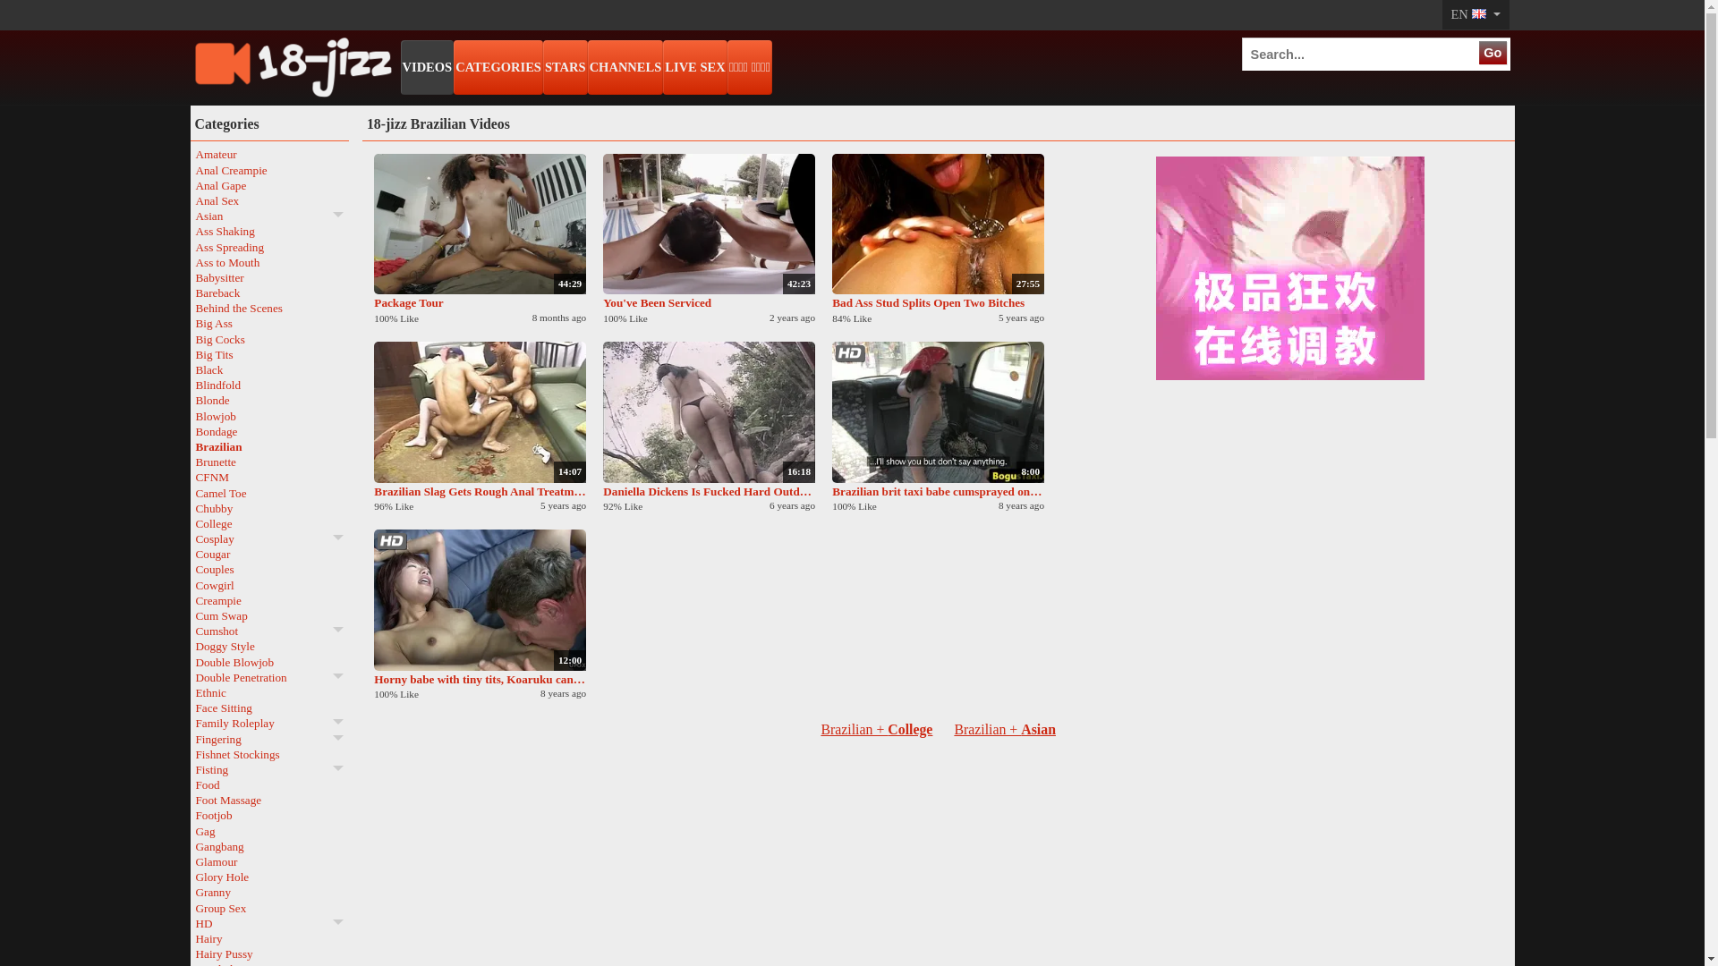  What do you see at coordinates (194, 200) in the screenshot?
I see `'Anal Sex'` at bounding box center [194, 200].